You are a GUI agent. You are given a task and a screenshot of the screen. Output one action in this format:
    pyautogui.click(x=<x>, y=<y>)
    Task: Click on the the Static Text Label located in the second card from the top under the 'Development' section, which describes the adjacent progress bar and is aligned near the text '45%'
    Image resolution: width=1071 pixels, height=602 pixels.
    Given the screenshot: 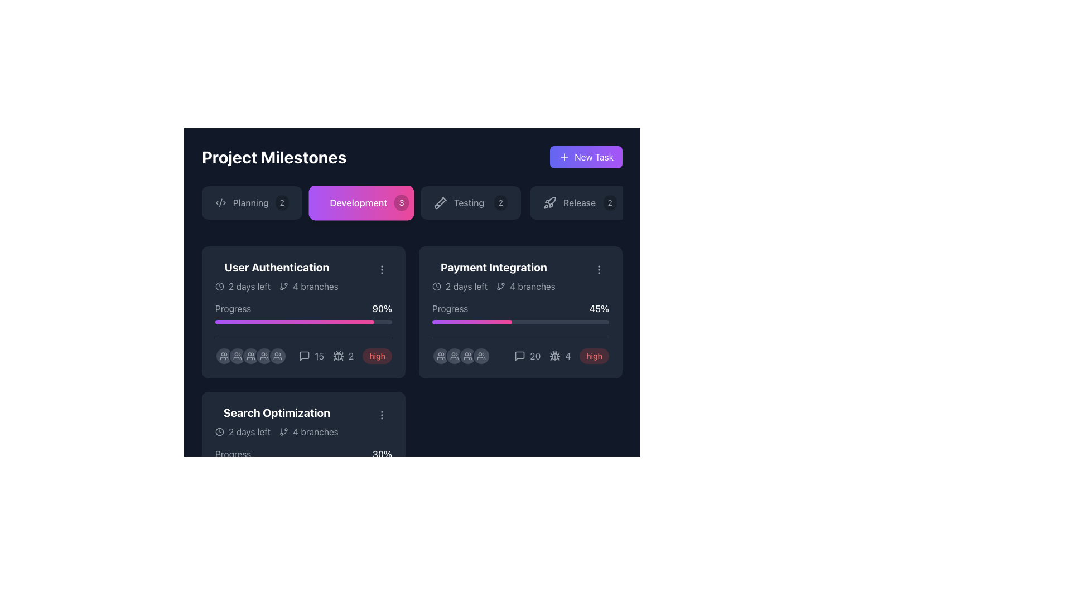 What is the action you would take?
    pyautogui.click(x=450, y=309)
    